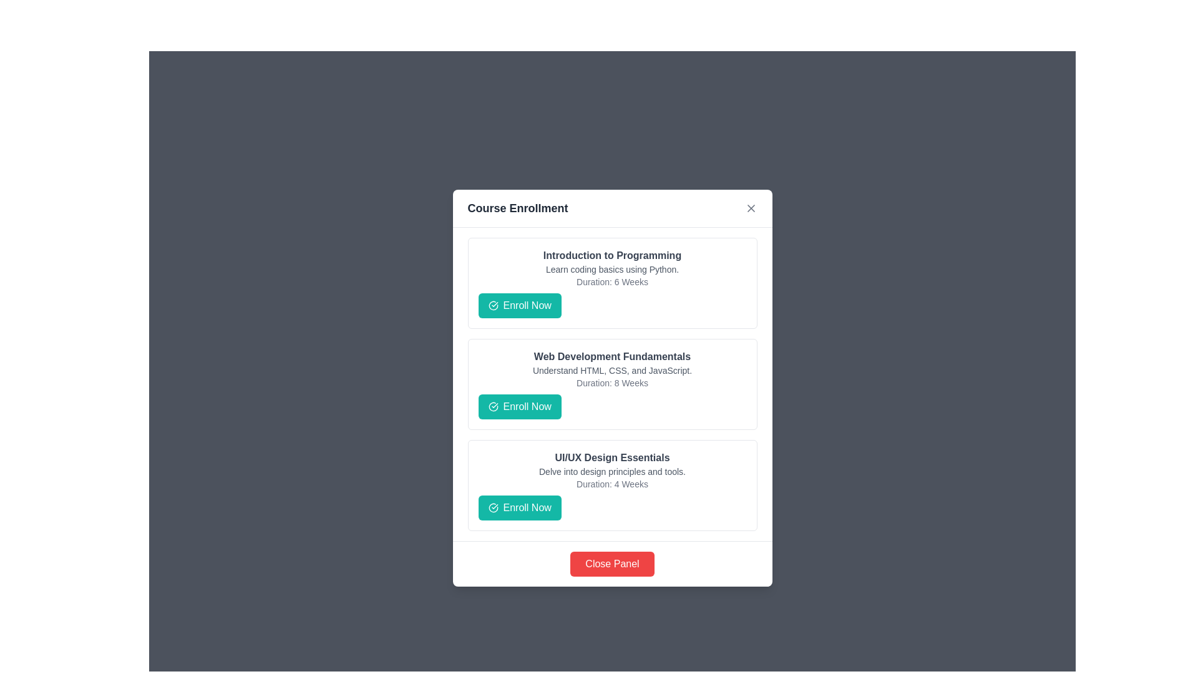 Image resolution: width=1198 pixels, height=674 pixels. Describe the element at coordinates (612, 255) in the screenshot. I see `the text label element displaying 'Introduction to Programming', which is located at the top of the first course card in the course enrollment modal` at that location.